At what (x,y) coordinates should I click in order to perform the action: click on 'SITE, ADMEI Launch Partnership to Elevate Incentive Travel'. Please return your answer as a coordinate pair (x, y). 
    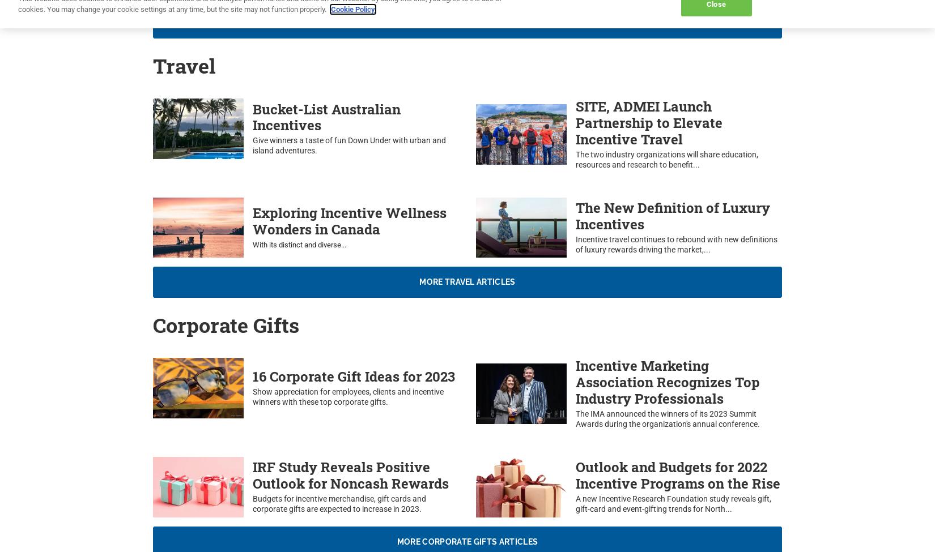
    Looking at the image, I should click on (649, 122).